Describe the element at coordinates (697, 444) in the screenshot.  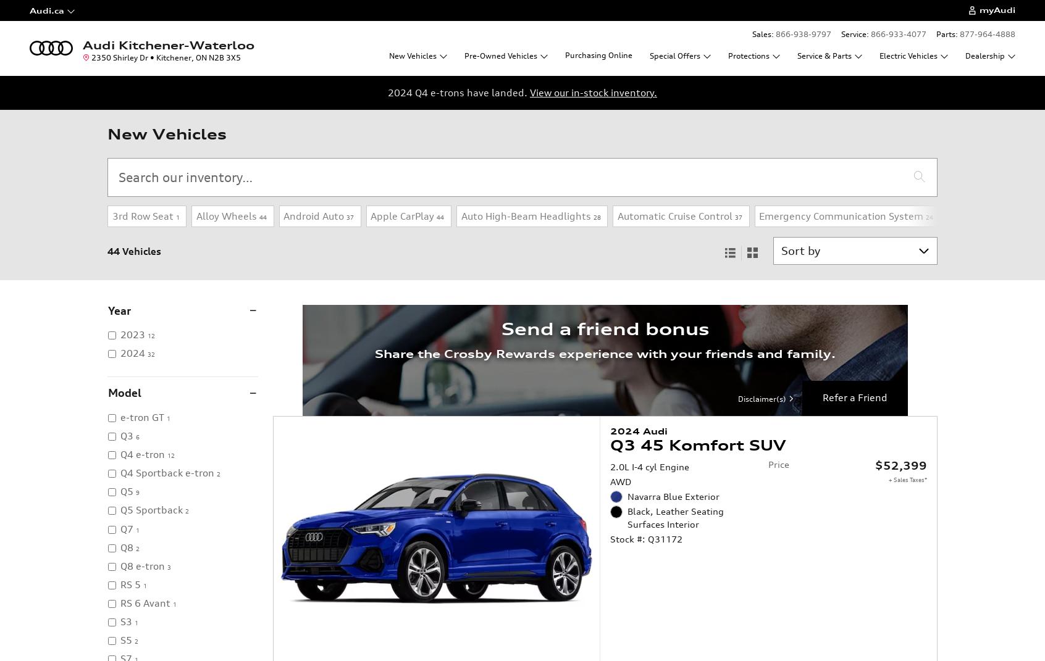
I see `'Q3 45 Komfort SUV'` at that location.